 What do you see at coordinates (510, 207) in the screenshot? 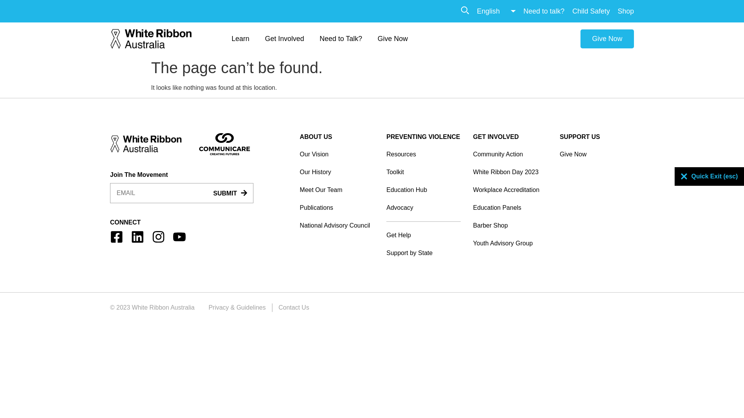
I see `'Education Panels'` at bounding box center [510, 207].